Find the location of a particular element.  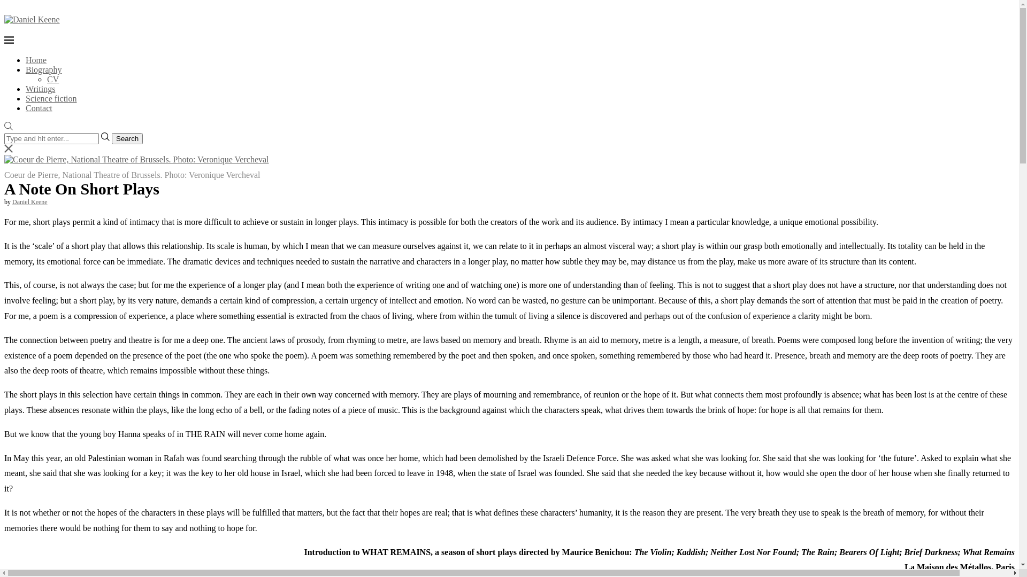

'Home' is located at coordinates (36, 60).